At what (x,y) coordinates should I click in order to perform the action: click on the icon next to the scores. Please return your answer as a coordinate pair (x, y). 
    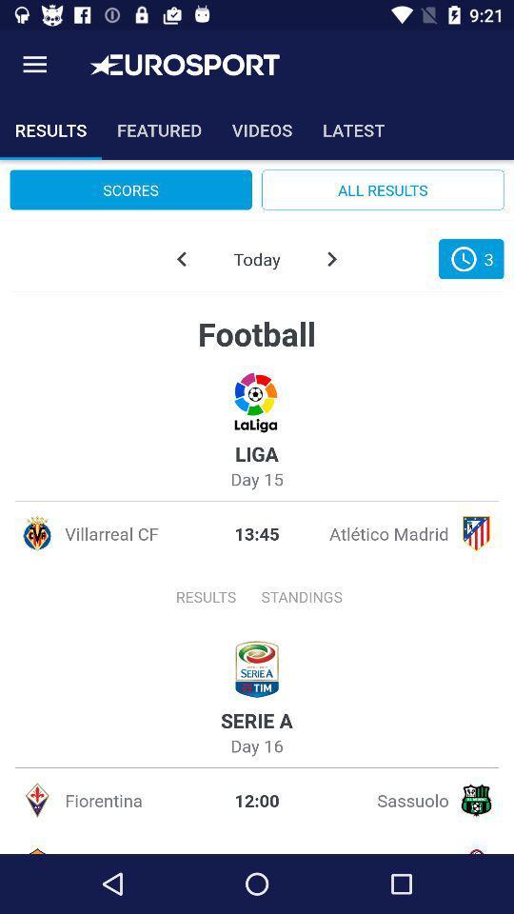
    Looking at the image, I should click on (383, 189).